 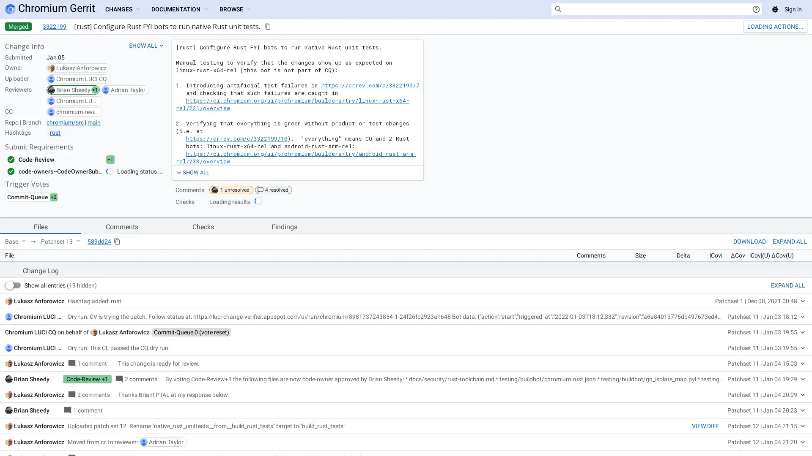 I want to click on SHOW ALL, so click(x=147, y=46).